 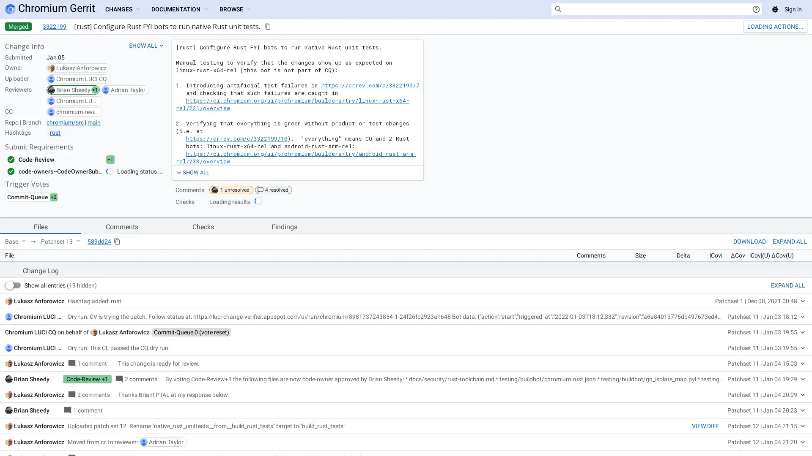 I want to click on SHOW ALL, so click(x=147, y=46).